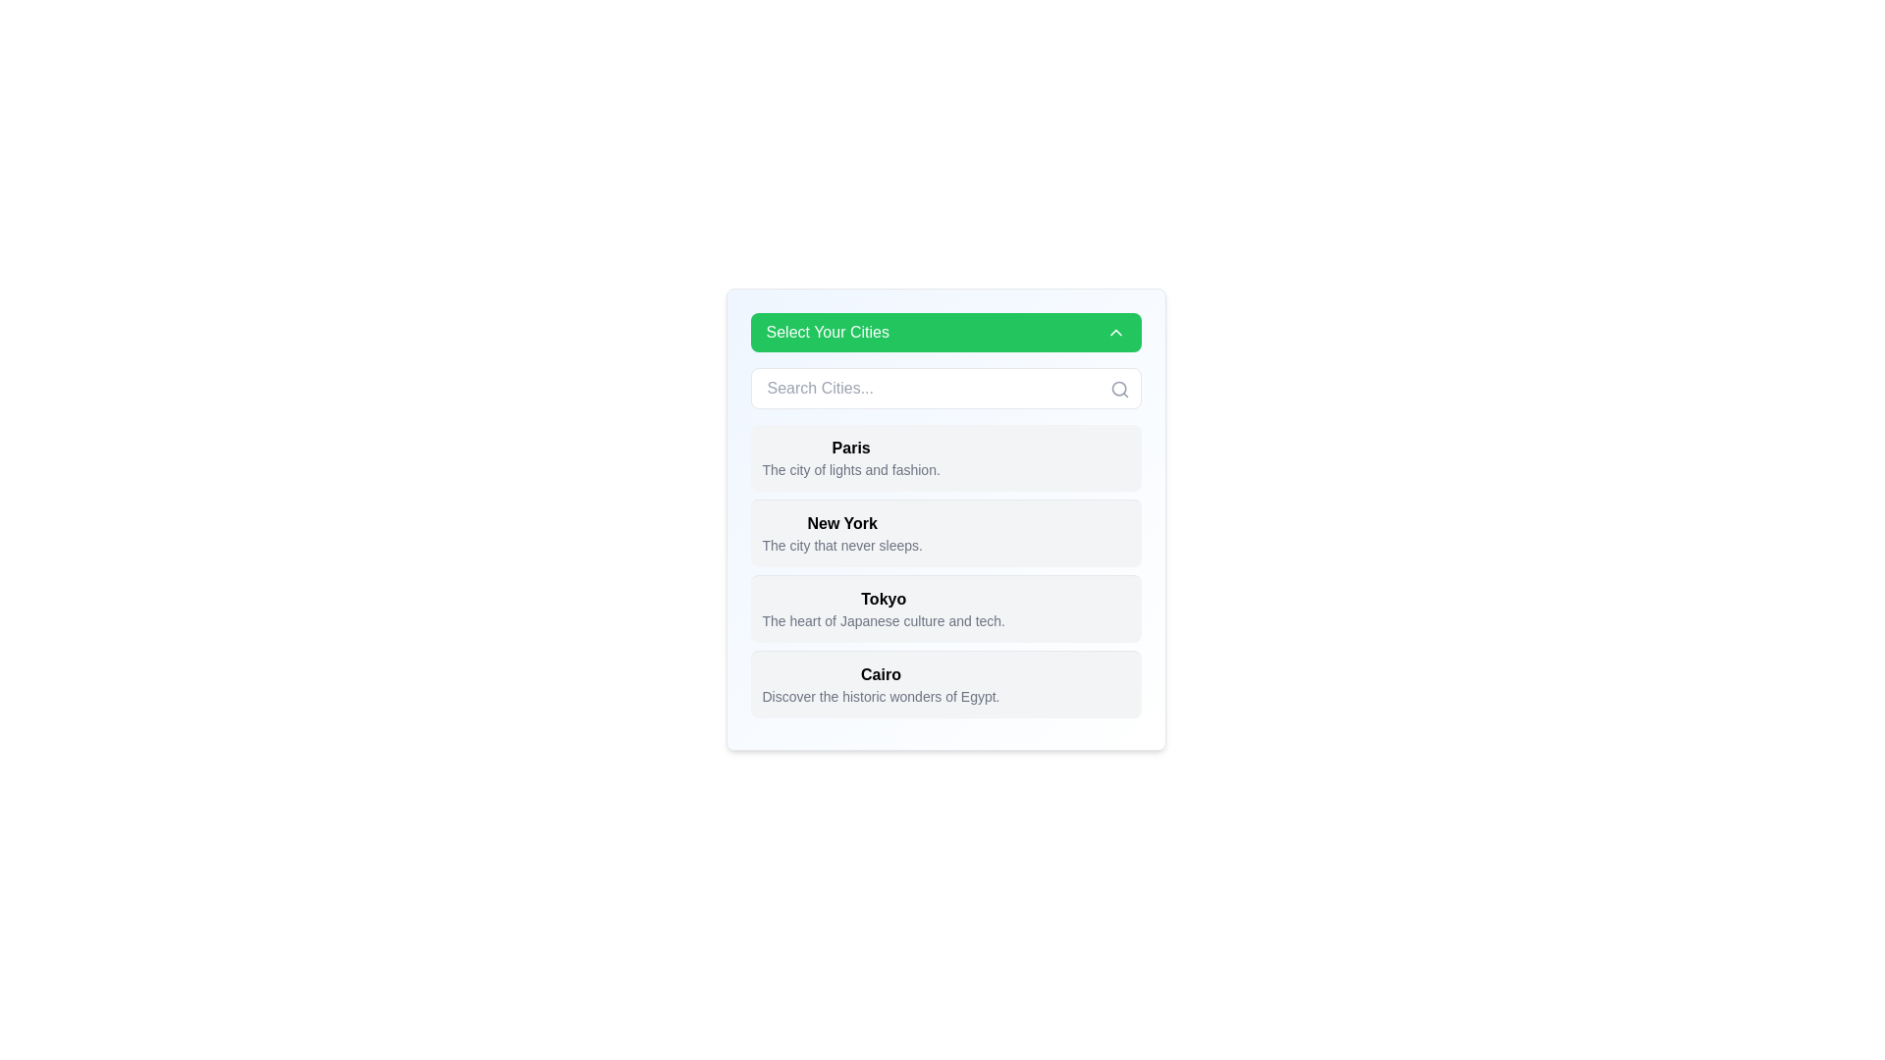 The image size is (1885, 1060). Describe the element at coordinates (883, 620) in the screenshot. I see `the static text element that provides additional descriptive information about the 'Tokyo' list item, which is located directly below the heading 'Tokyo'` at that location.